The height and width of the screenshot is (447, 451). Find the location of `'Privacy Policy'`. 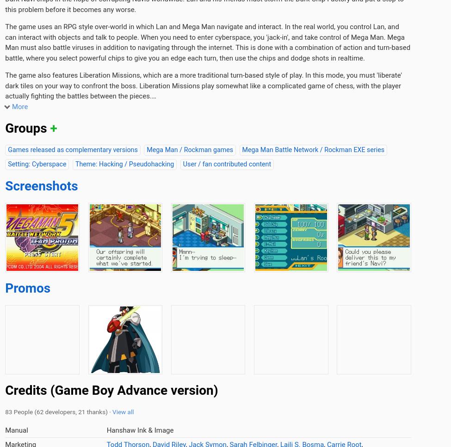

'Privacy Policy' is located at coordinates (213, 208).